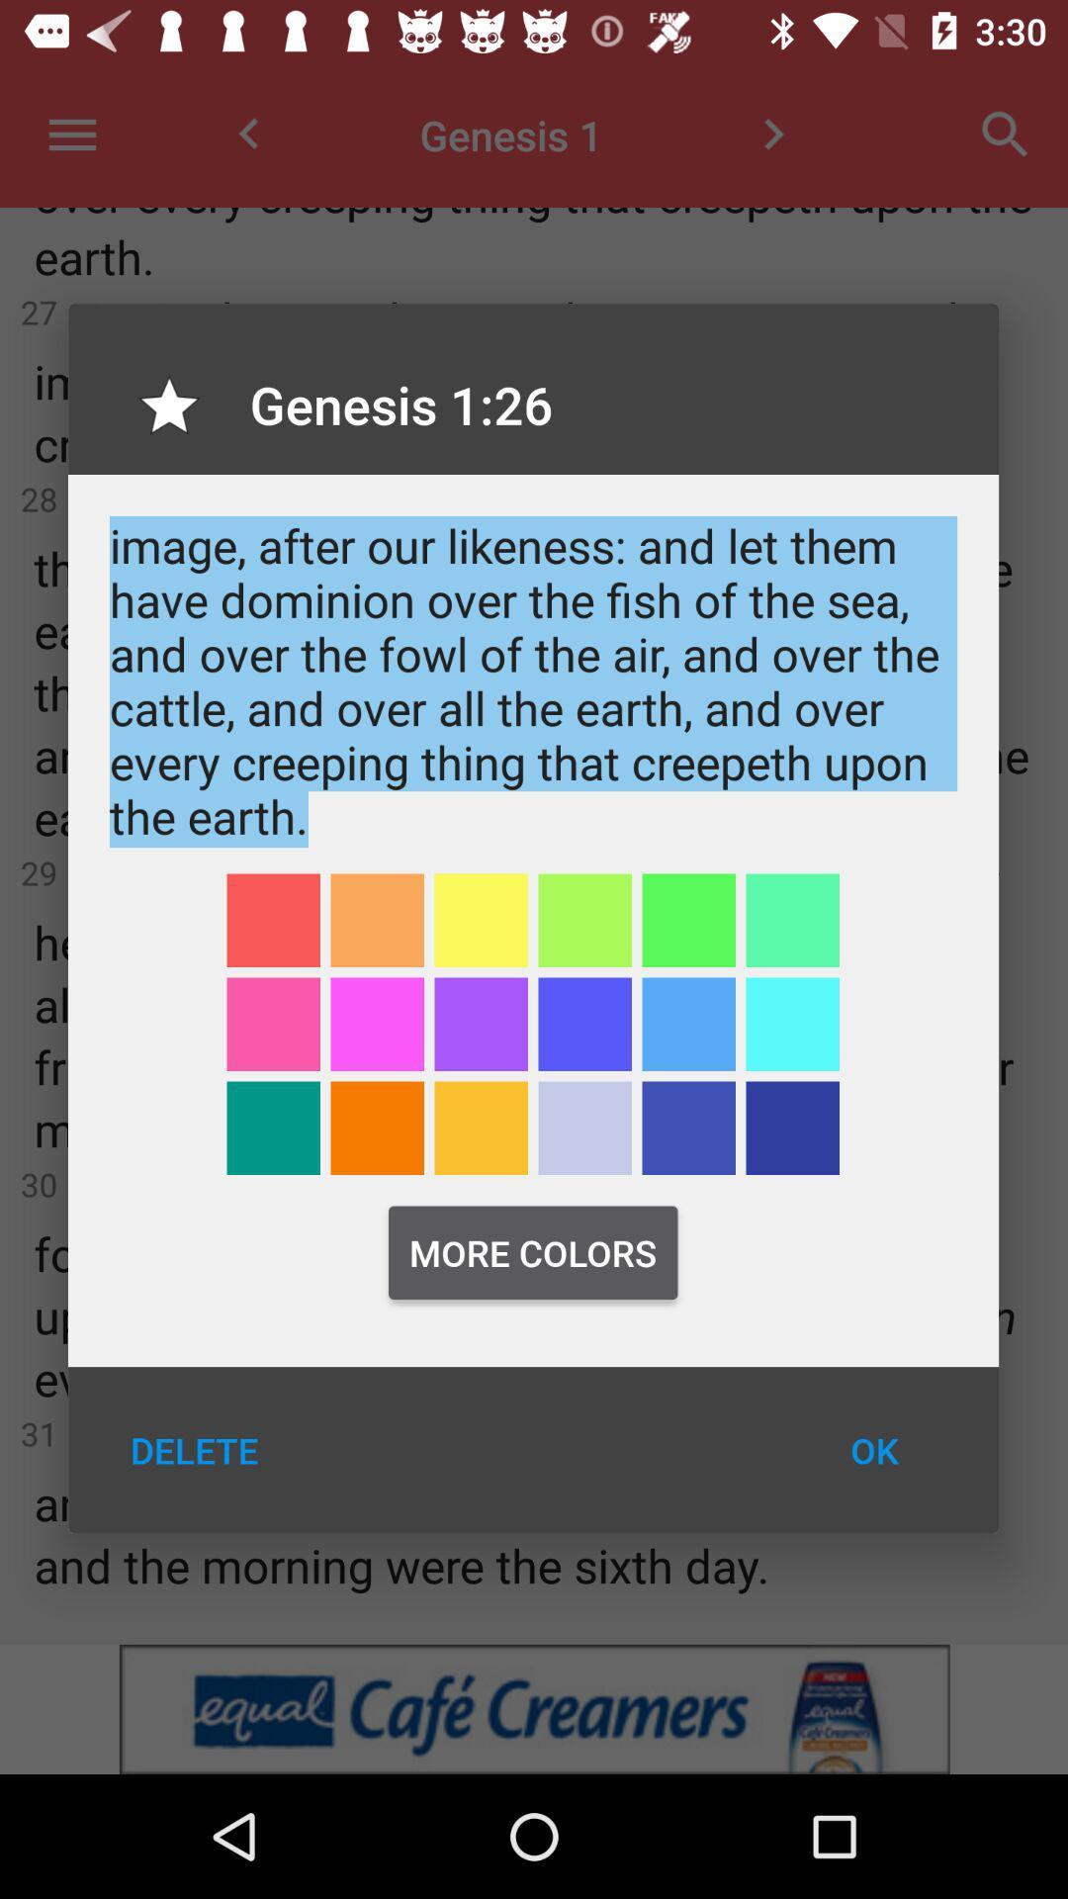  Describe the element at coordinates (194, 1450) in the screenshot. I see `delete` at that location.